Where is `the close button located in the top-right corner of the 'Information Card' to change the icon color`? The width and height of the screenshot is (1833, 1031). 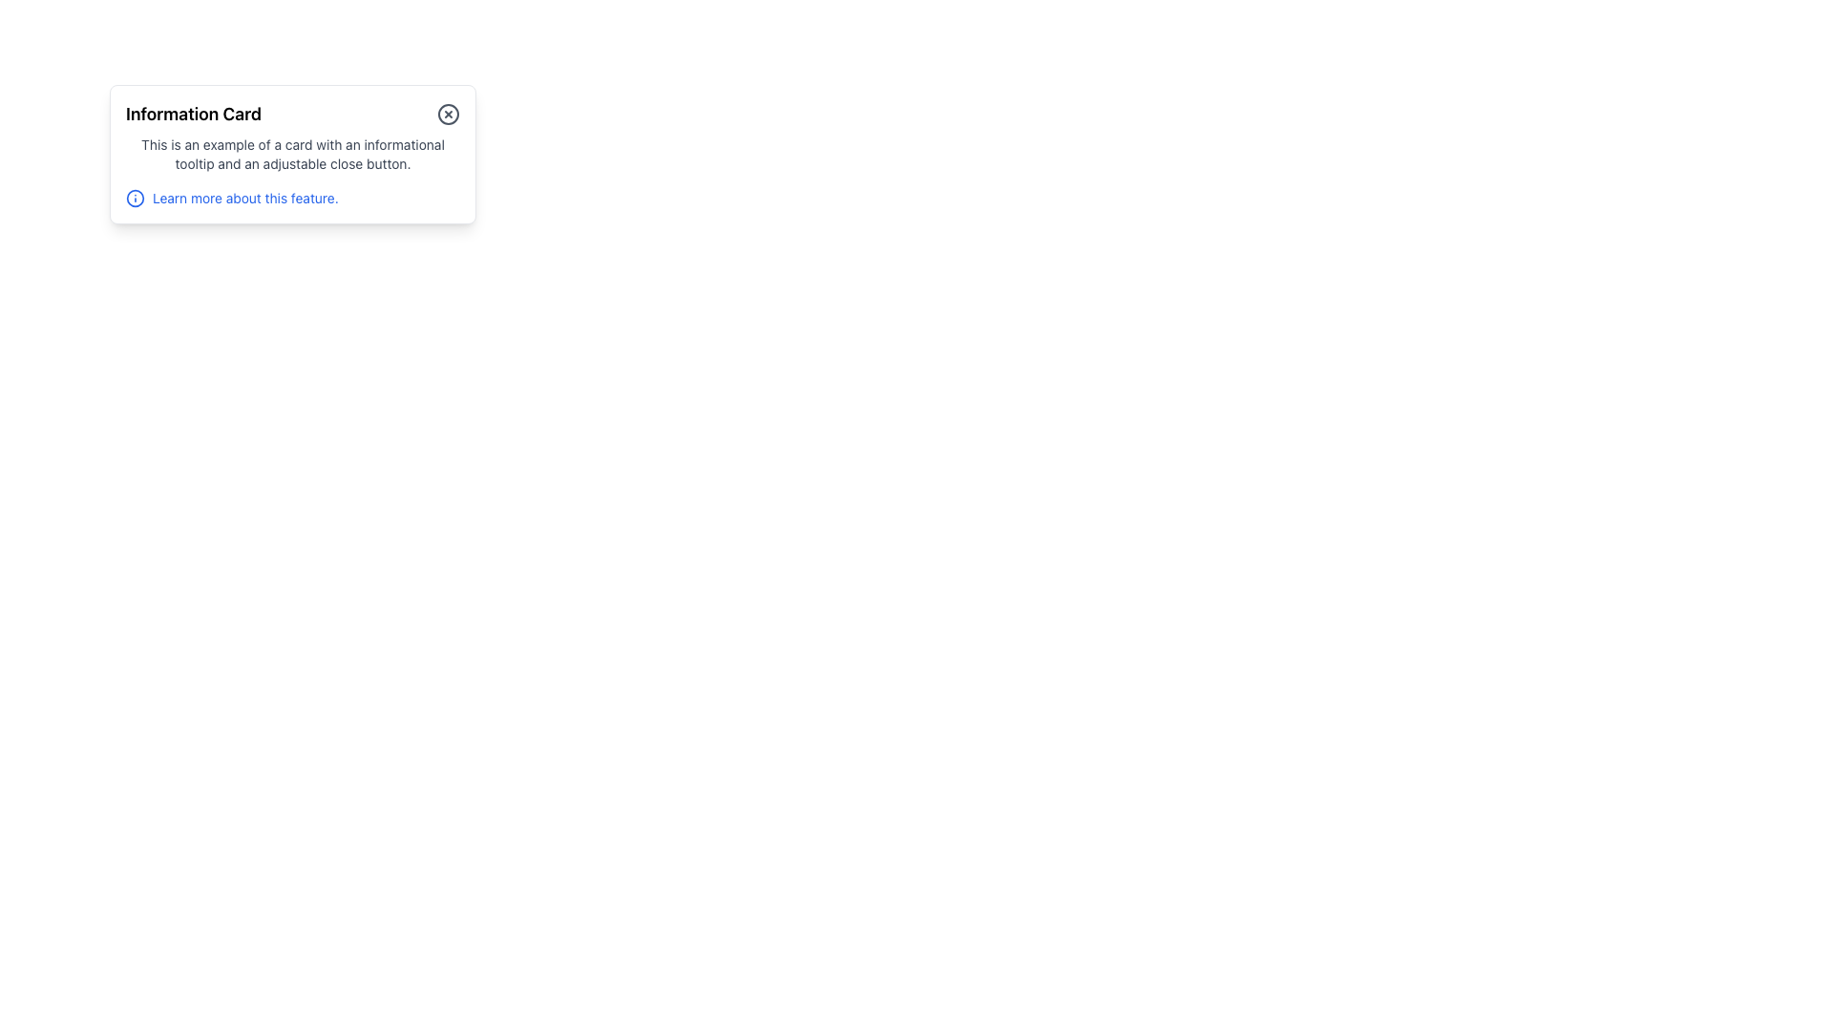
the close button located in the top-right corner of the 'Information Card' to change the icon color is located at coordinates (448, 114).